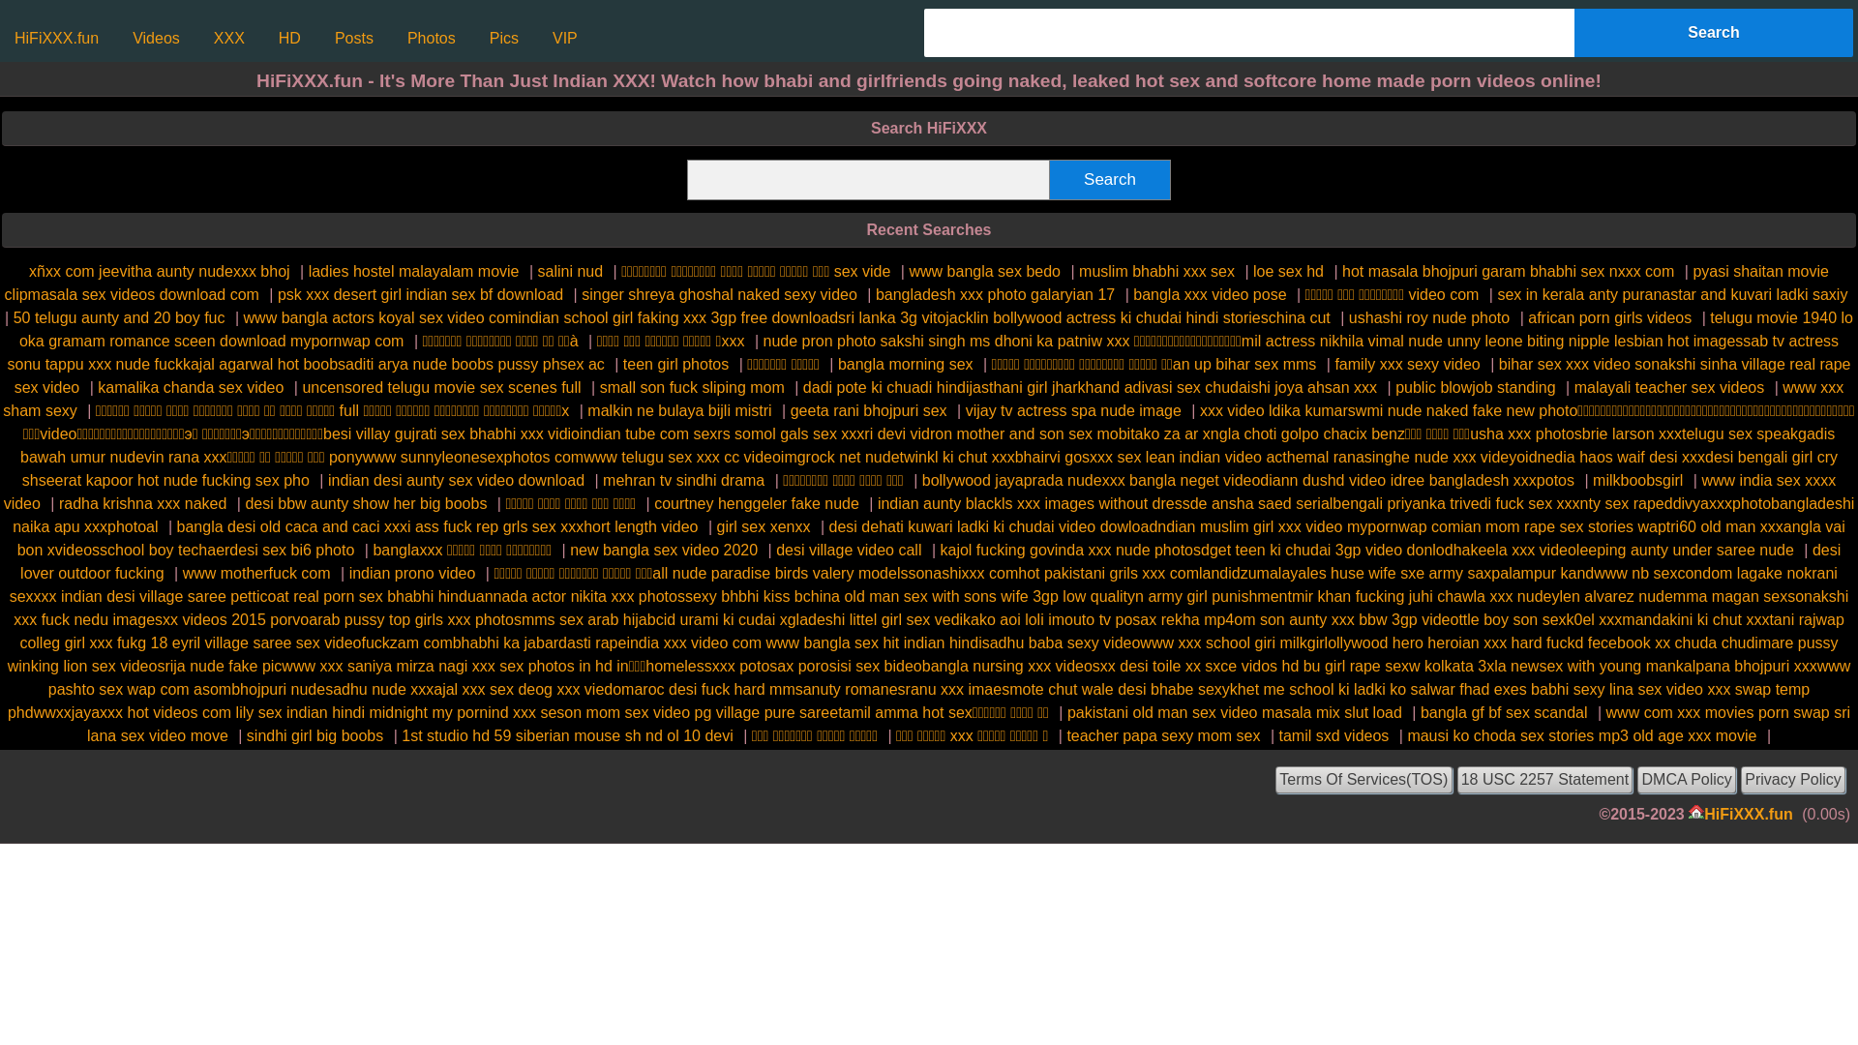  What do you see at coordinates (1234, 712) in the screenshot?
I see `'pakistani old man sex video masala mix slut load'` at bounding box center [1234, 712].